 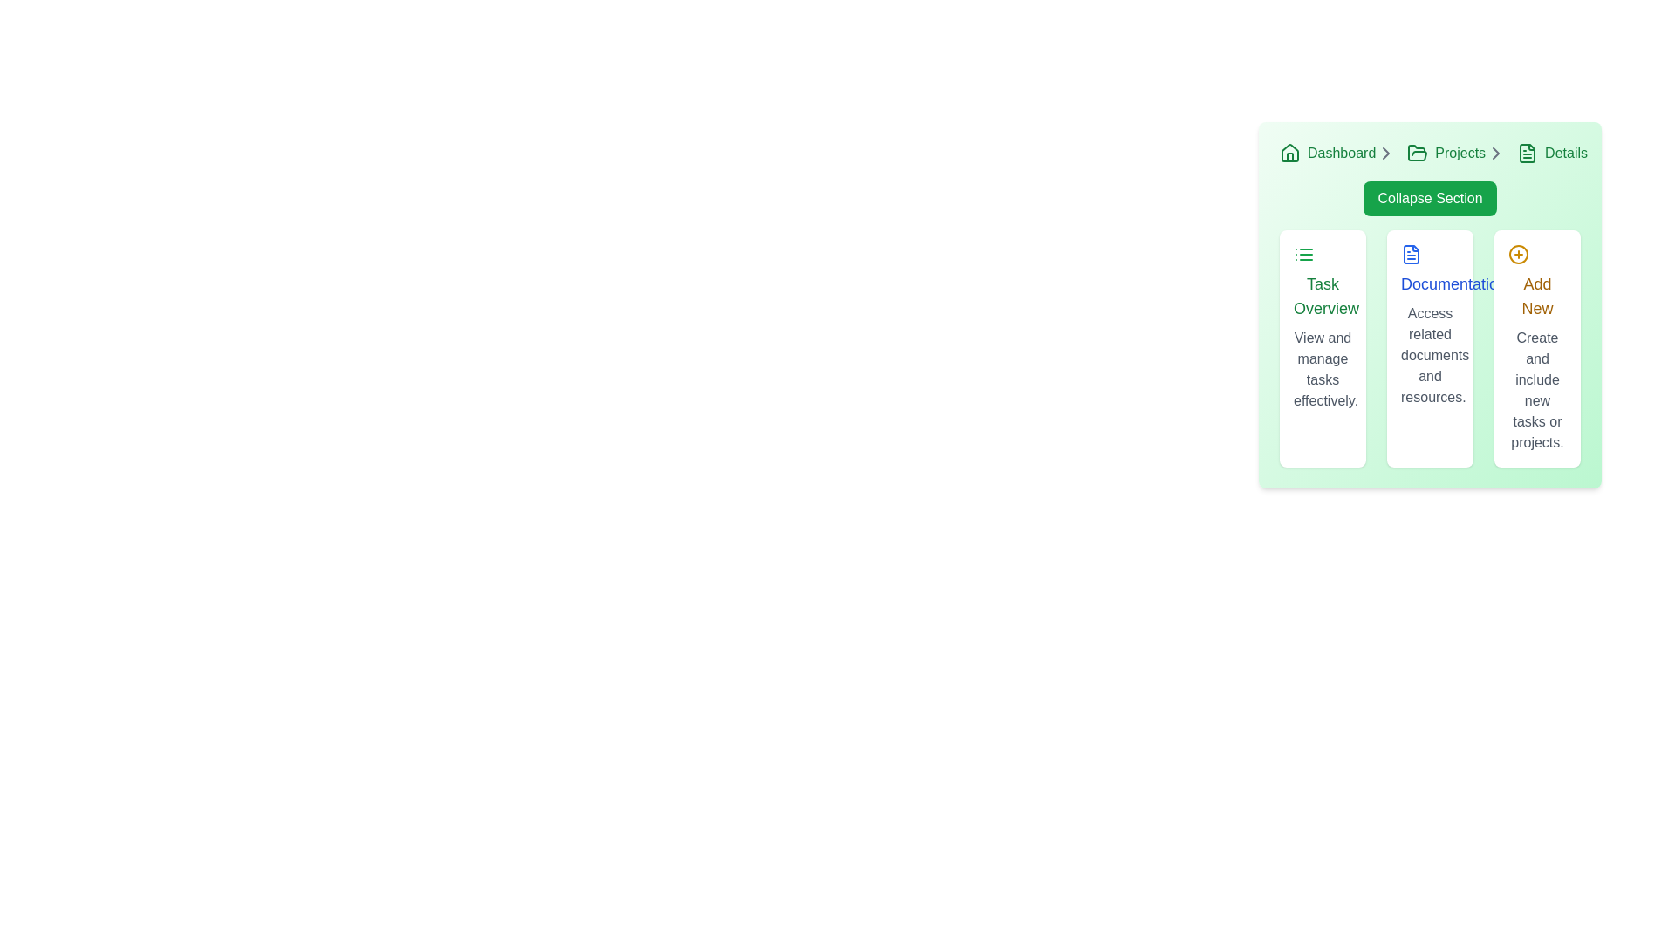 I want to click on static text label that displays 'Access related documents and resources.' It is styled in gray and located below the heading 'Documentation.', so click(x=1430, y=355).